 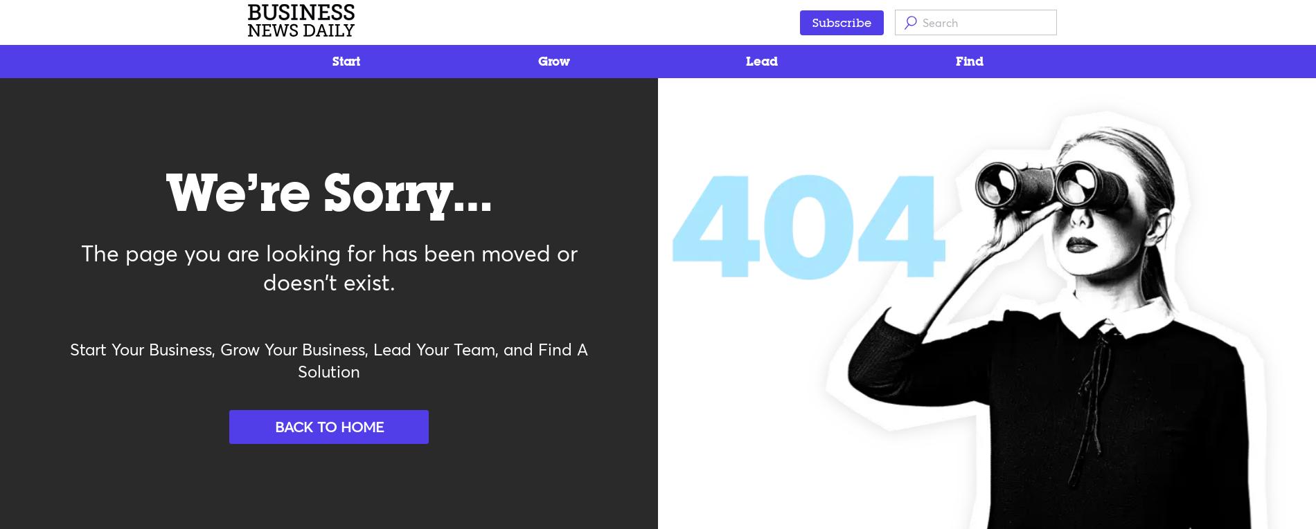 What do you see at coordinates (849, 396) in the screenshot?
I see `'Business.com'` at bounding box center [849, 396].